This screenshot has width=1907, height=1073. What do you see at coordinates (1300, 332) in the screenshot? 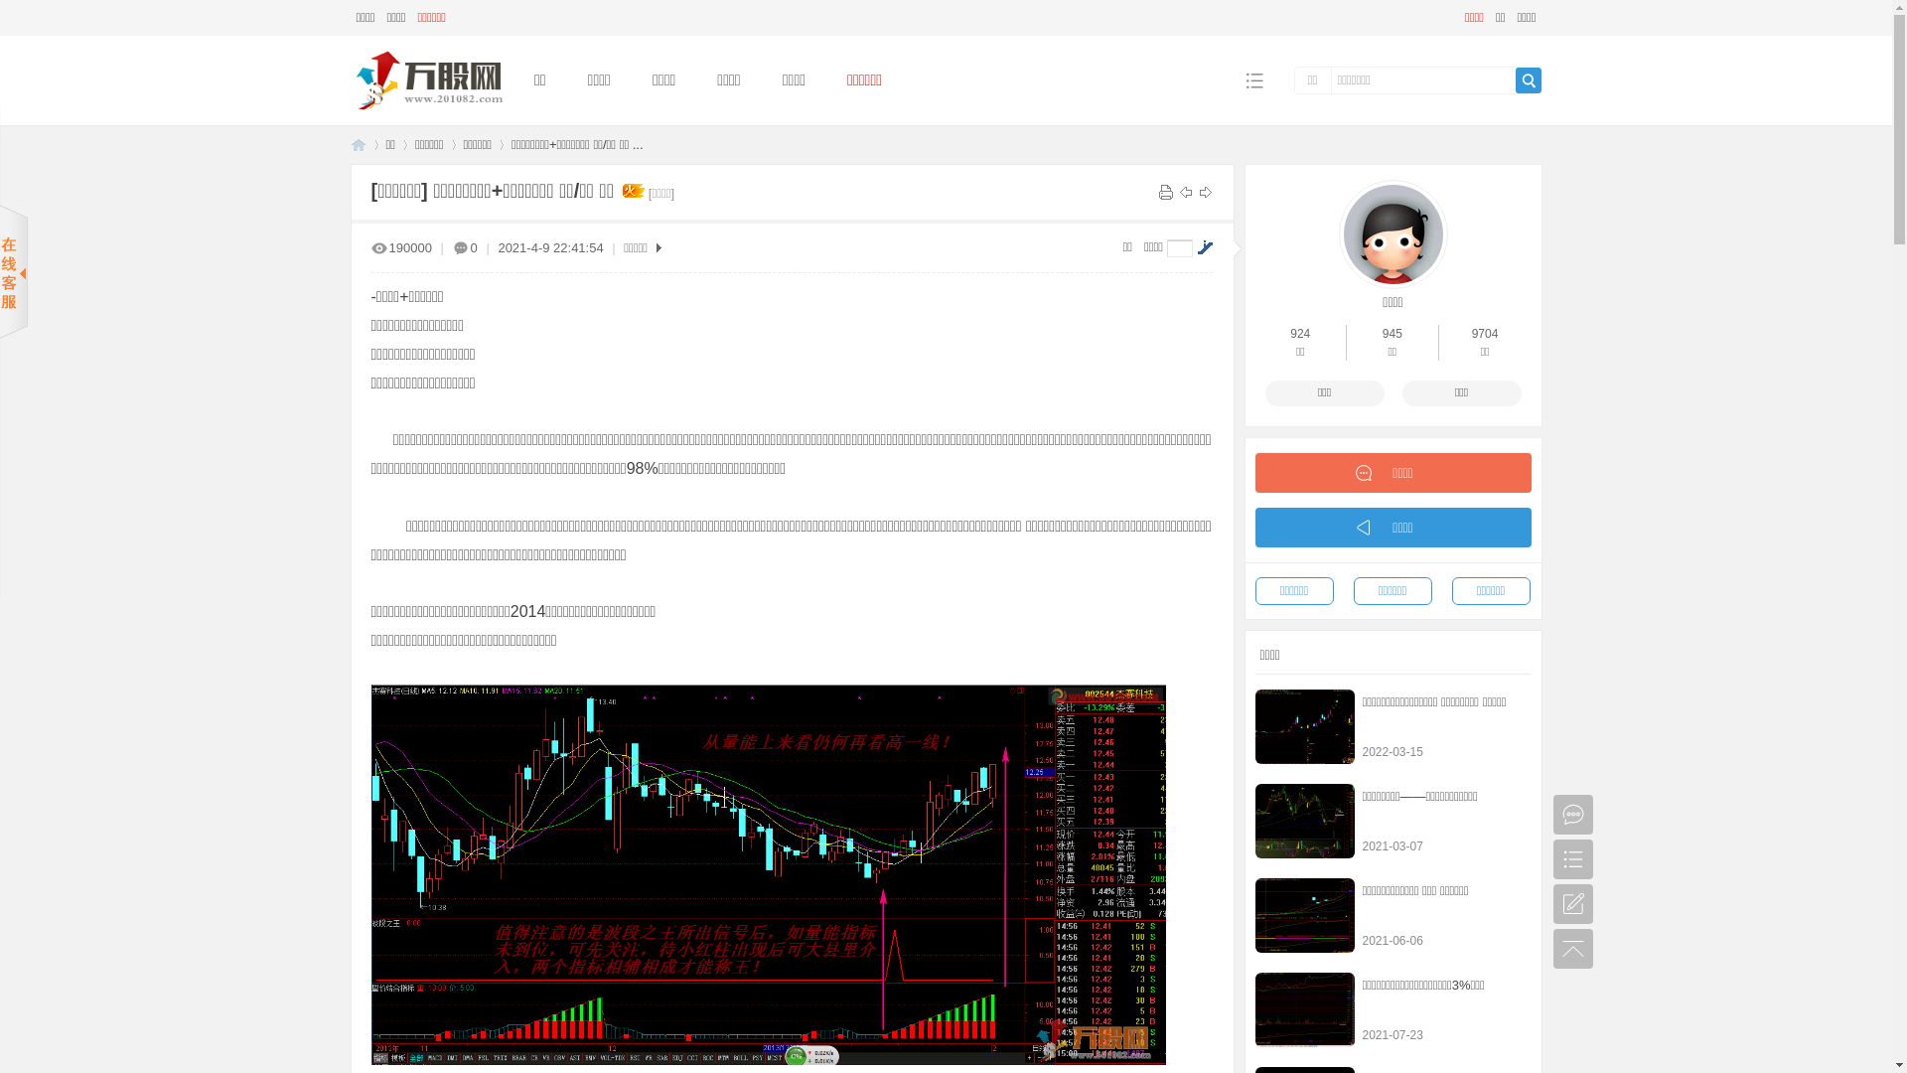
I see `'924'` at bounding box center [1300, 332].